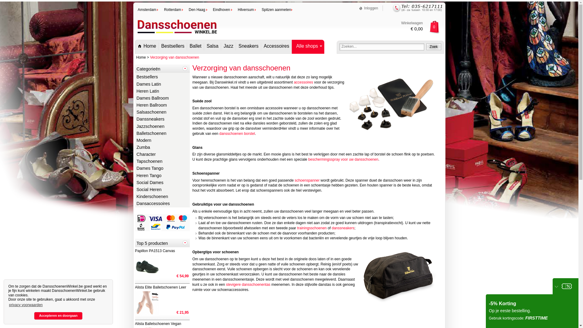 This screenshot has width=583, height=328. What do you see at coordinates (343, 159) in the screenshot?
I see `'beschermingsspray voor uw dansschoenen'` at bounding box center [343, 159].